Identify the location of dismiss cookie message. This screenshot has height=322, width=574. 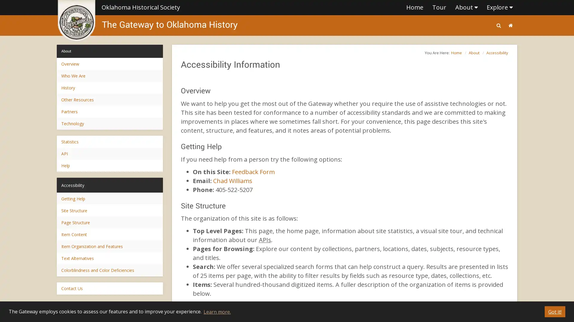
(555, 311).